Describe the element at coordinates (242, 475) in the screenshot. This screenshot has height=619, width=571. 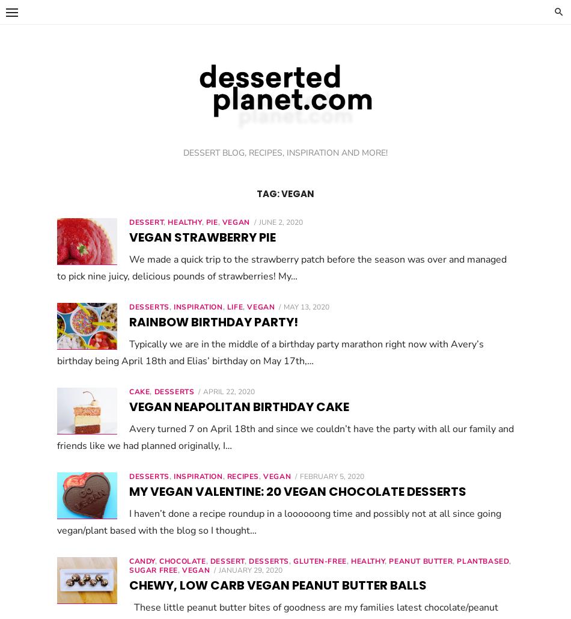
I see `'Recipes'` at that location.